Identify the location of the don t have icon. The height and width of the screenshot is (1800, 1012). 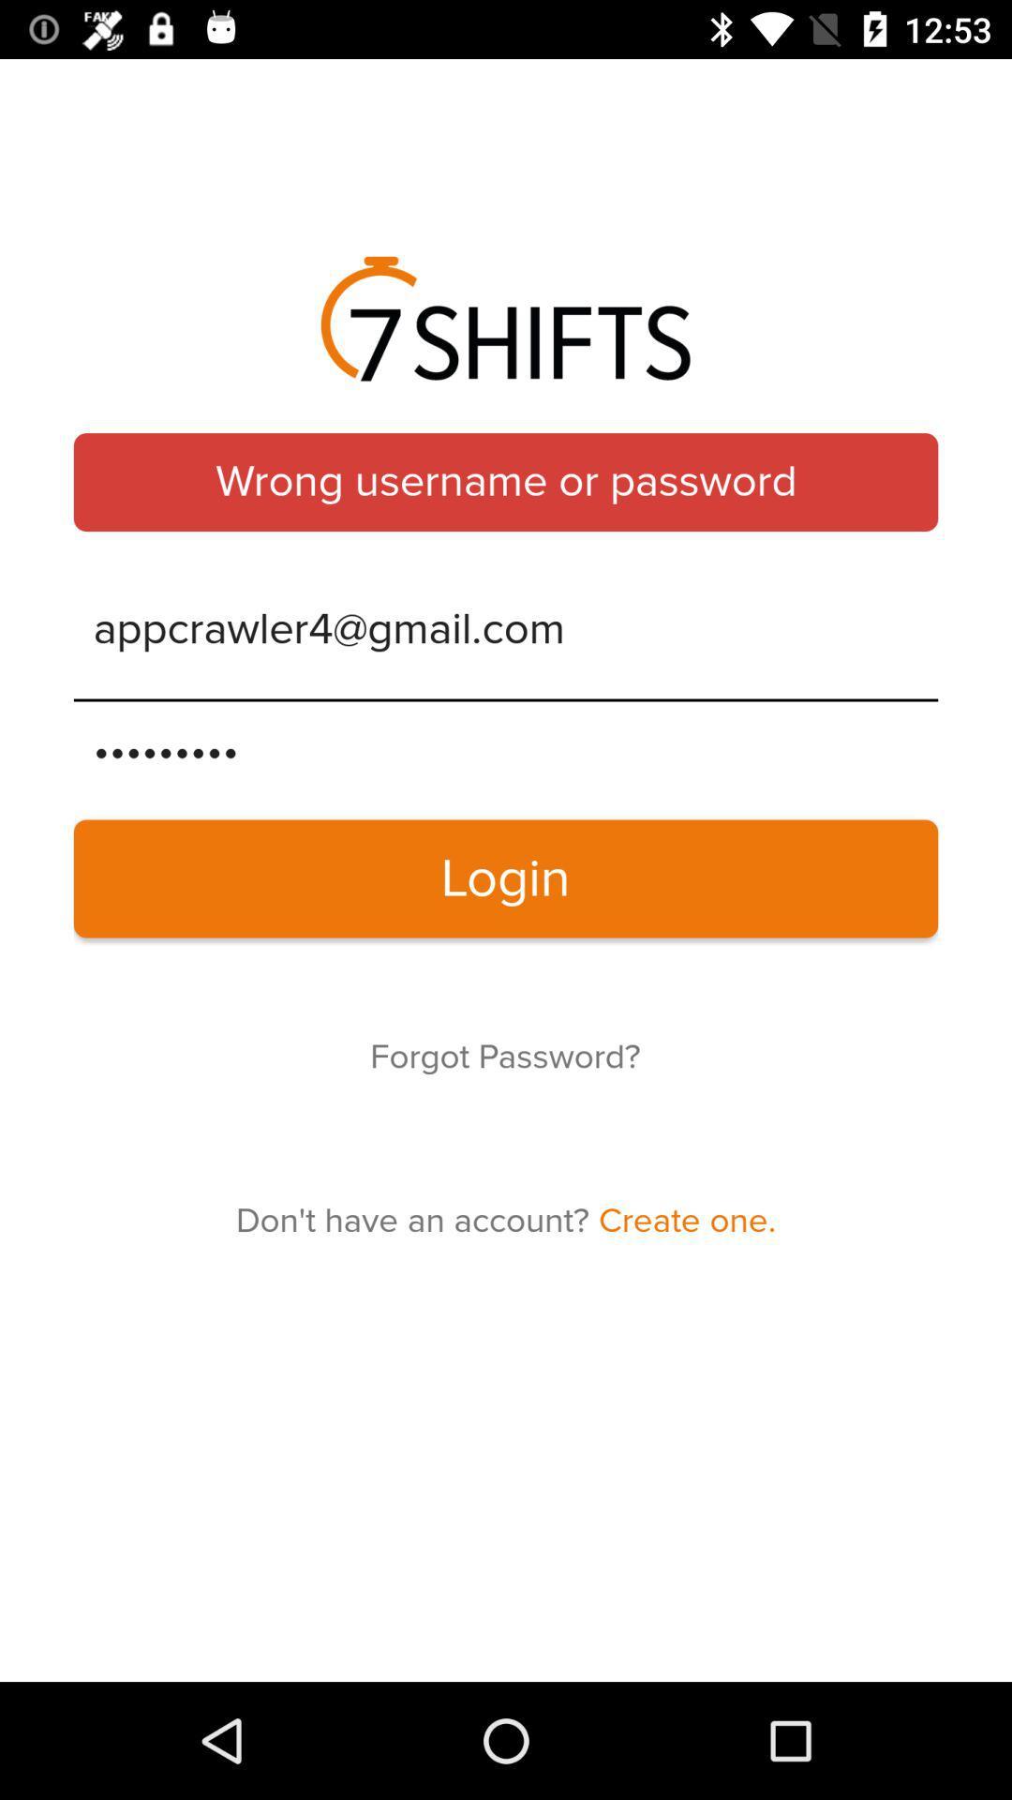
(506, 1221).